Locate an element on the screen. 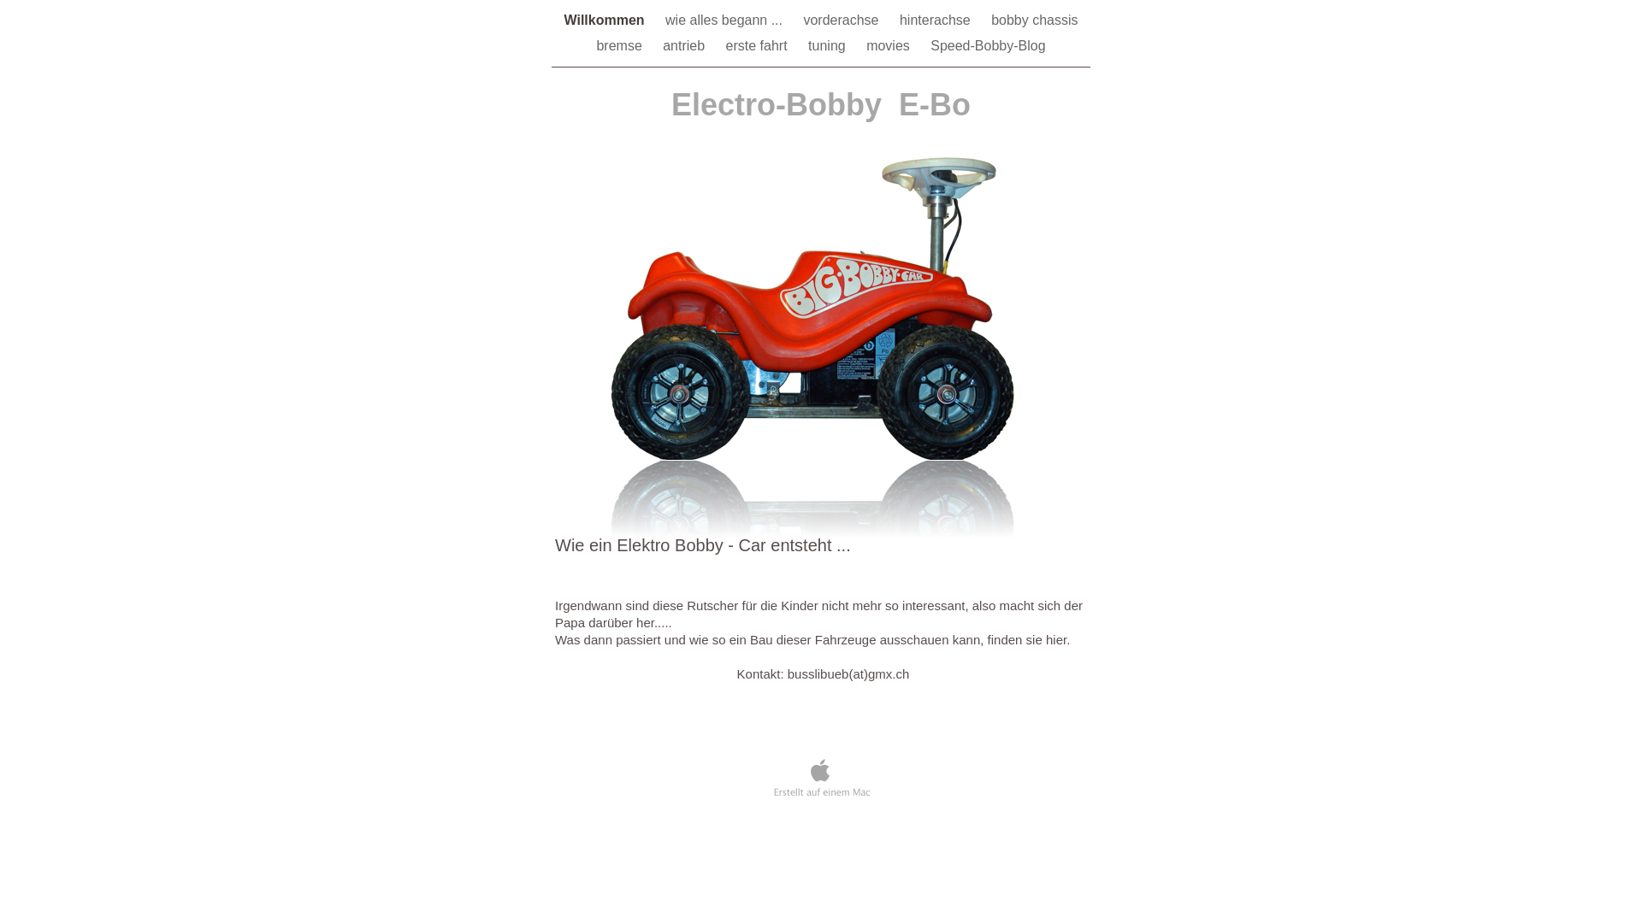 This screenshot has width=1642, height=923. 'movies' is located at coordinates (889, 44).